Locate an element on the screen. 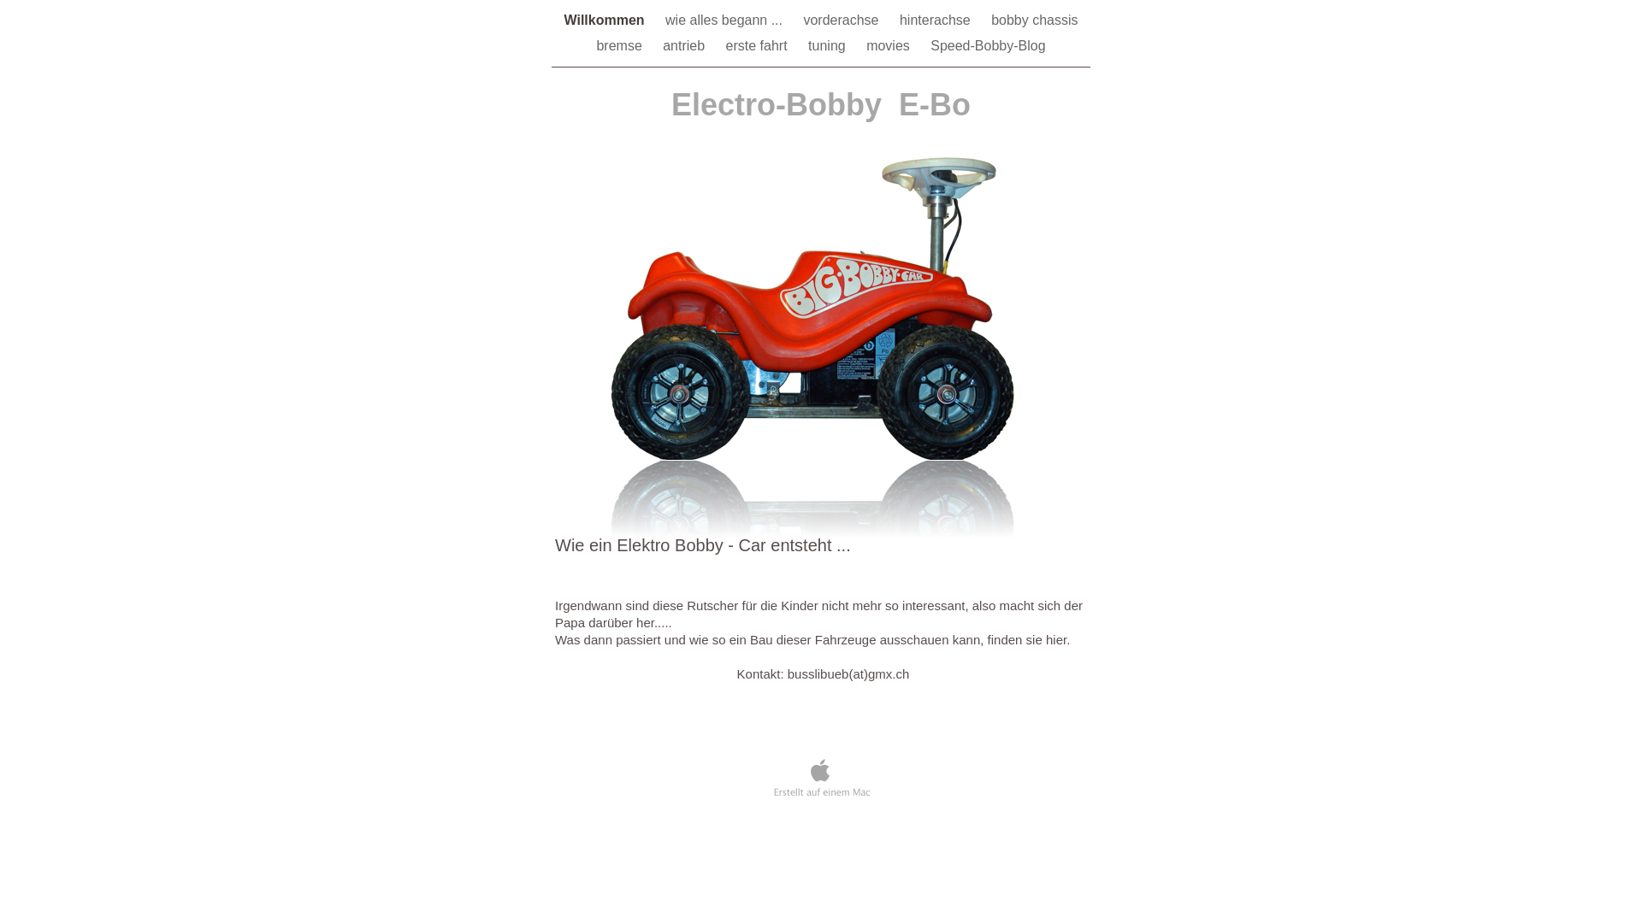 This screenshot has width=1642, height=923. 'movies' is located at coordinates (889, 44).